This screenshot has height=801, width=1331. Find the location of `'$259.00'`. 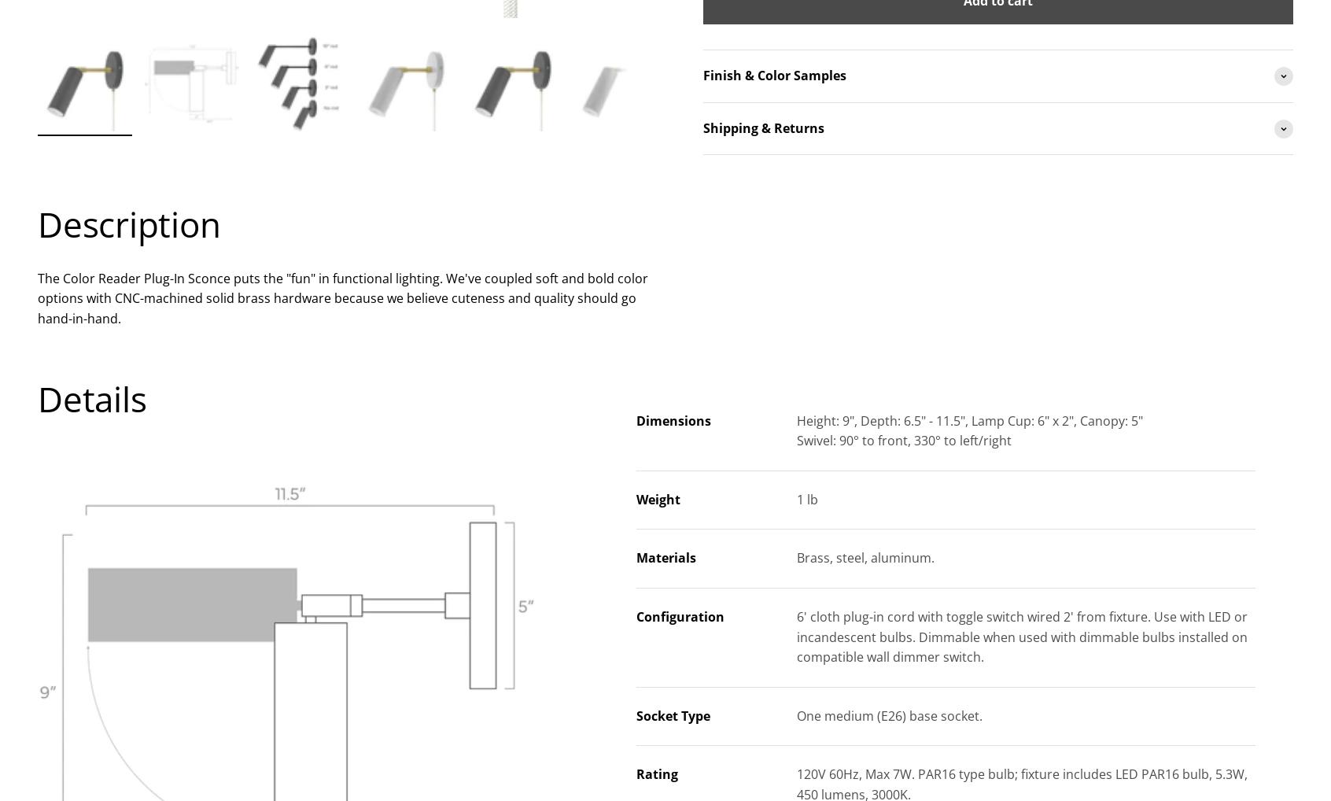

'$259.00' is located at coordinates (995, 725).